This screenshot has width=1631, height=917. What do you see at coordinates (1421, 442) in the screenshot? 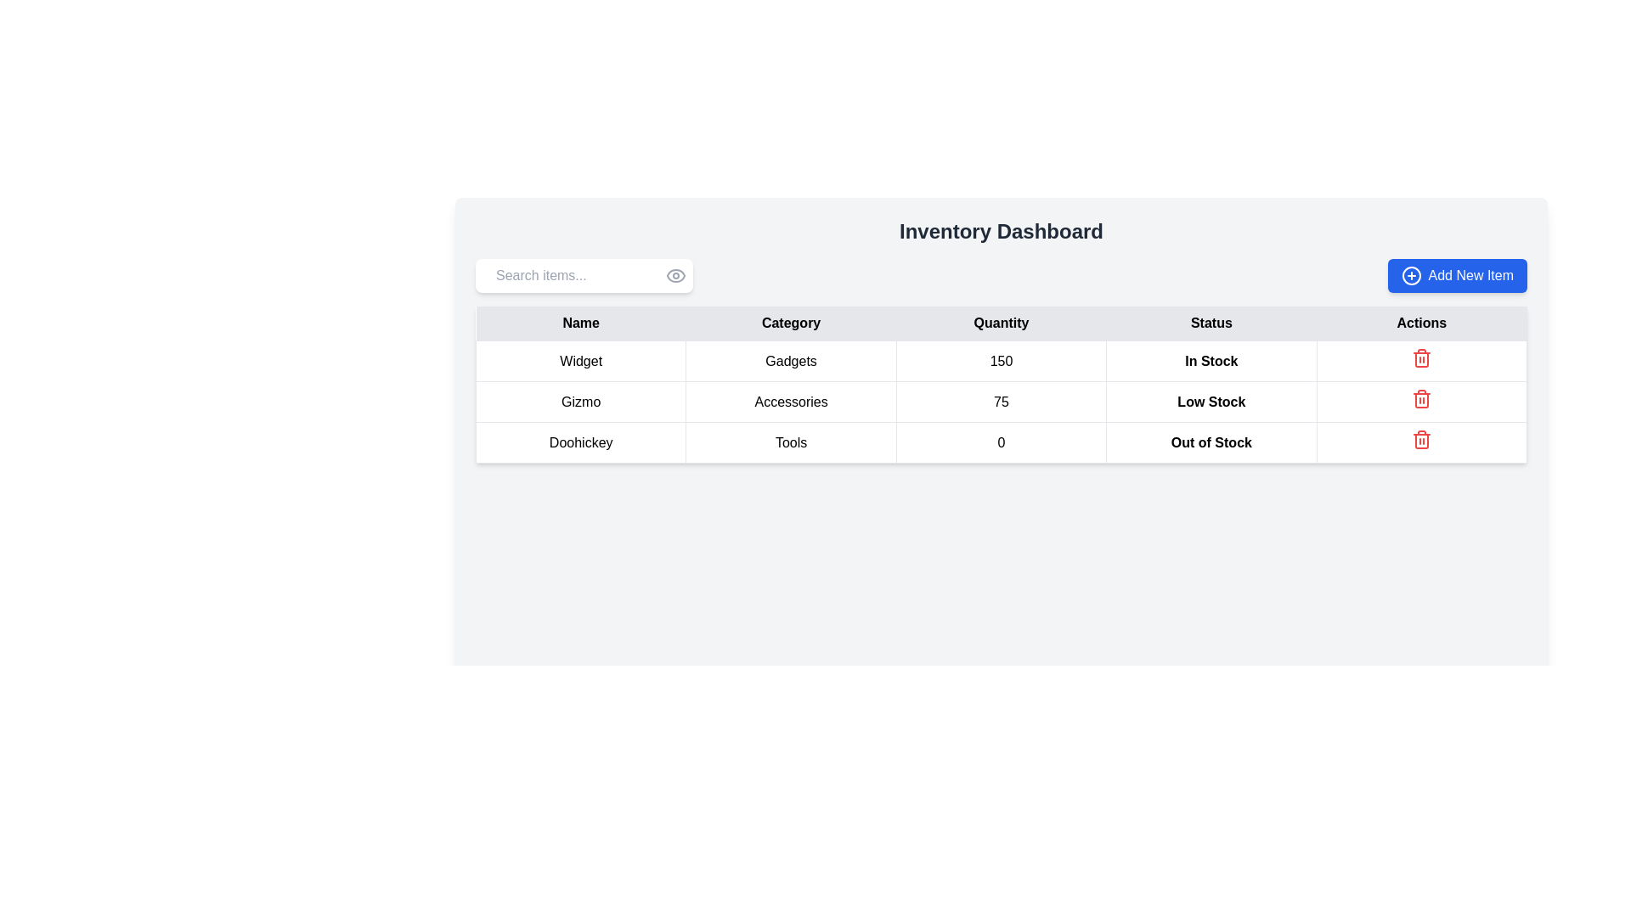
I see `the small red trash icon located at the end of the 'Doohickey' row in the 'Actions' column` at bounding box center [1421, 442].